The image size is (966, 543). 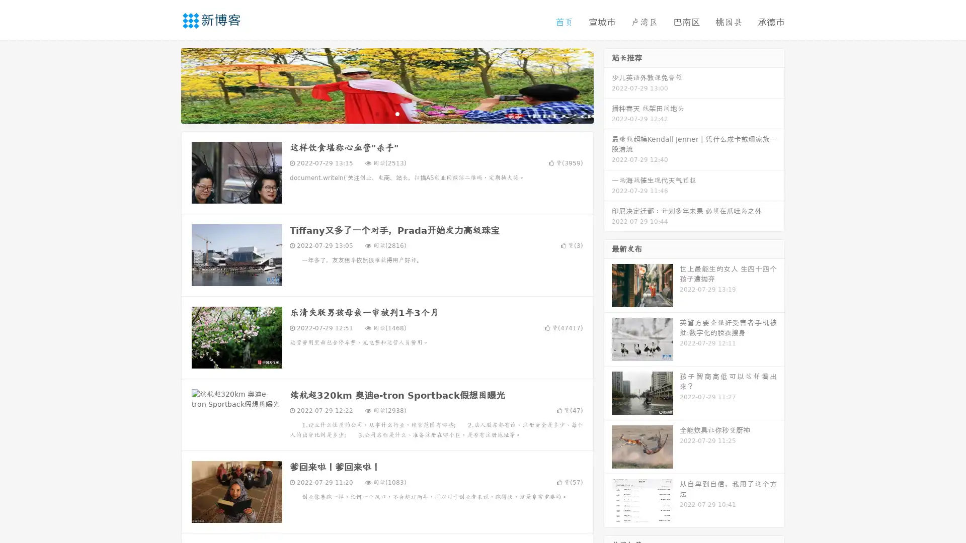 I want to click on Go to slide 1, so click(x=376, y=113).